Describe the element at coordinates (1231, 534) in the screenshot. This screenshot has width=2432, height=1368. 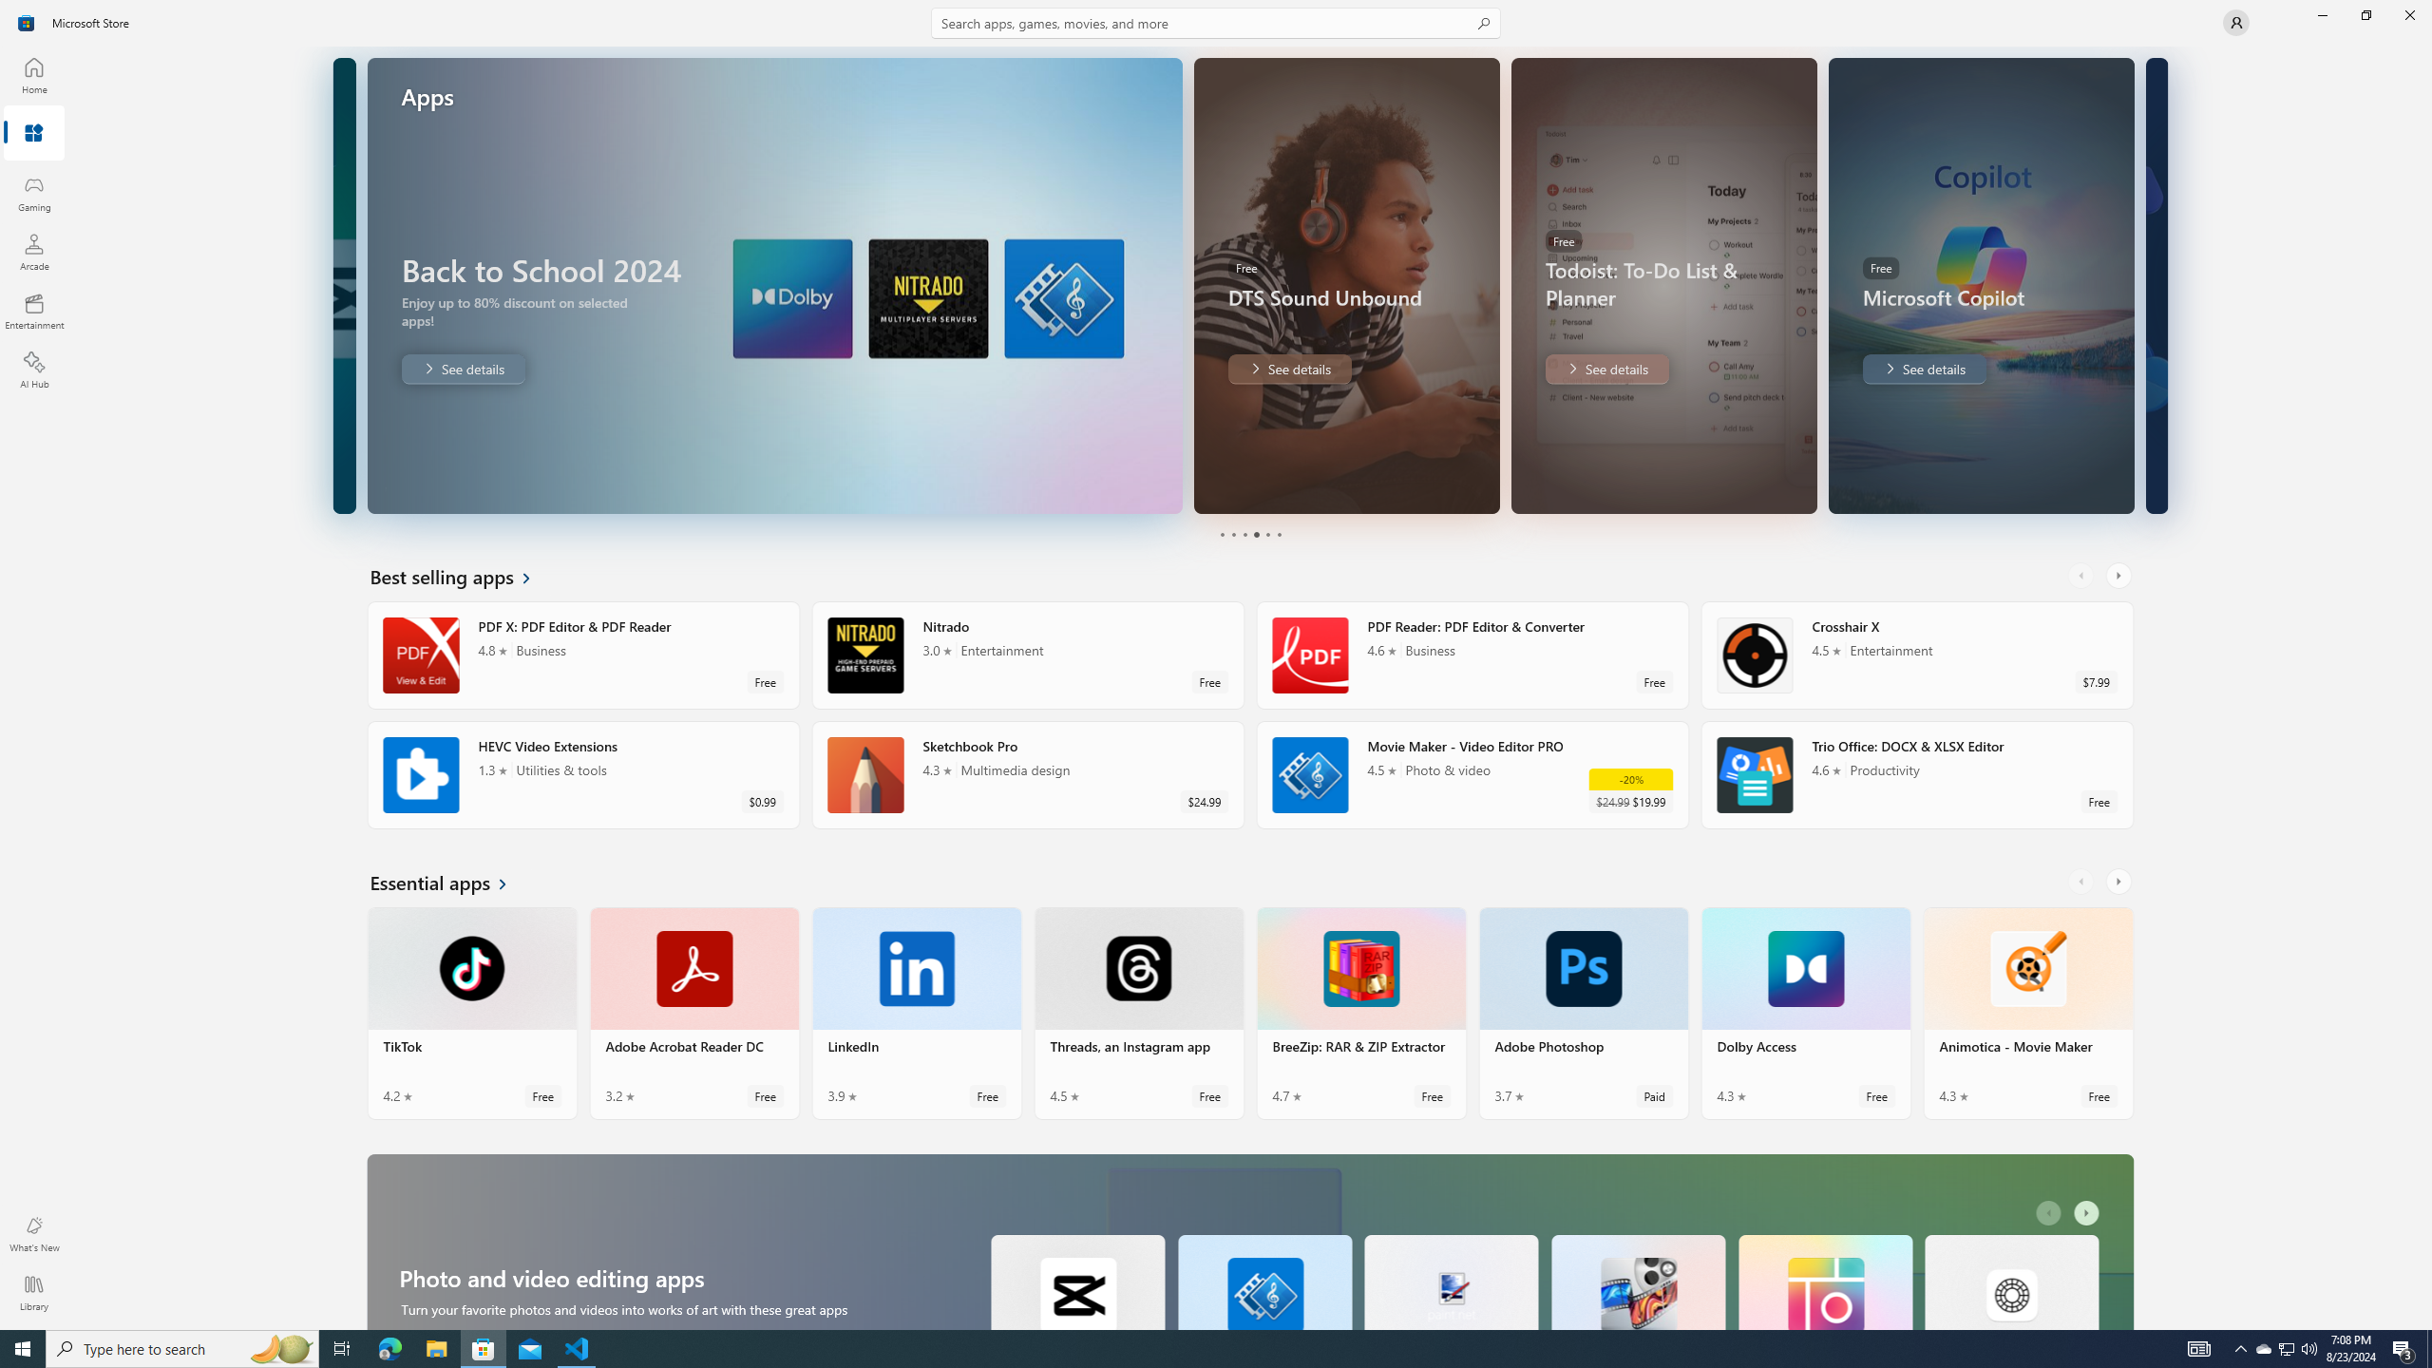
I see `'Page 2'` at that location.